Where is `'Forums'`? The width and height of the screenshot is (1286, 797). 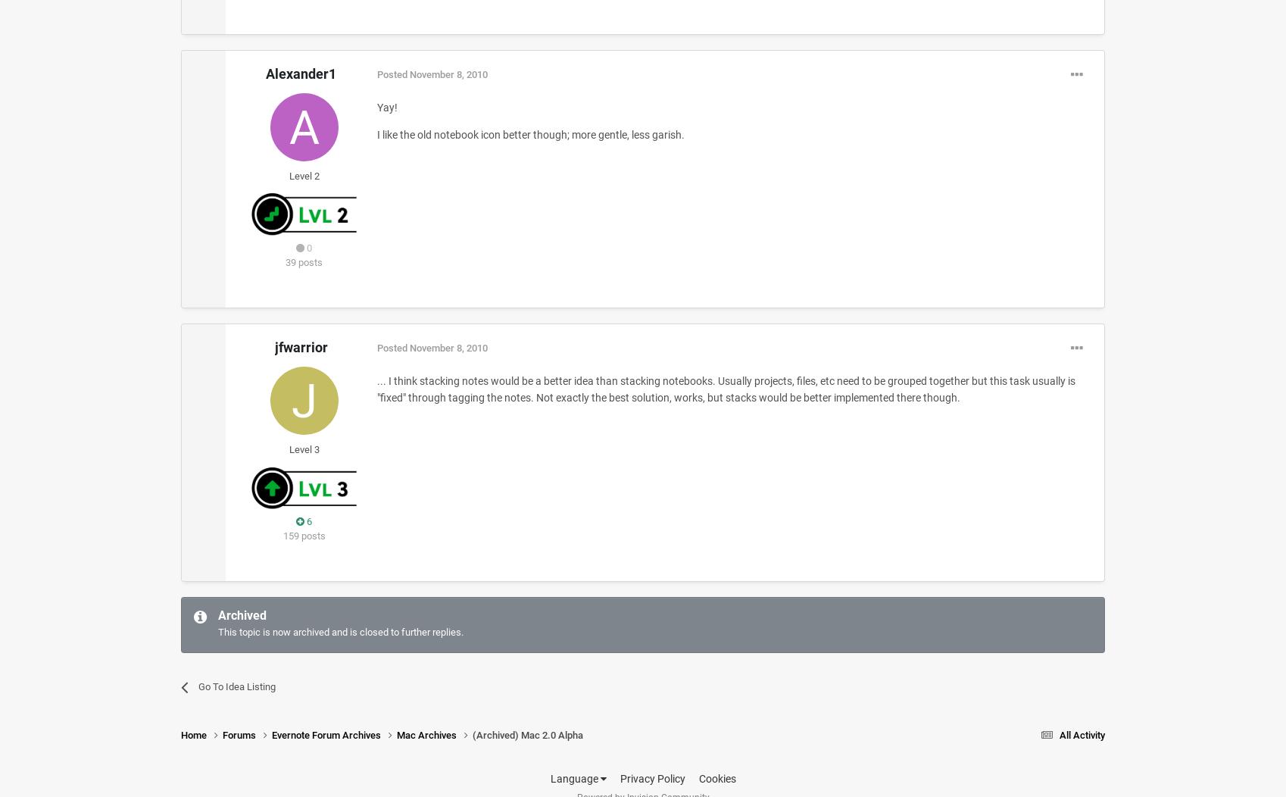
'Forums' is located at coordinates (239, 735).